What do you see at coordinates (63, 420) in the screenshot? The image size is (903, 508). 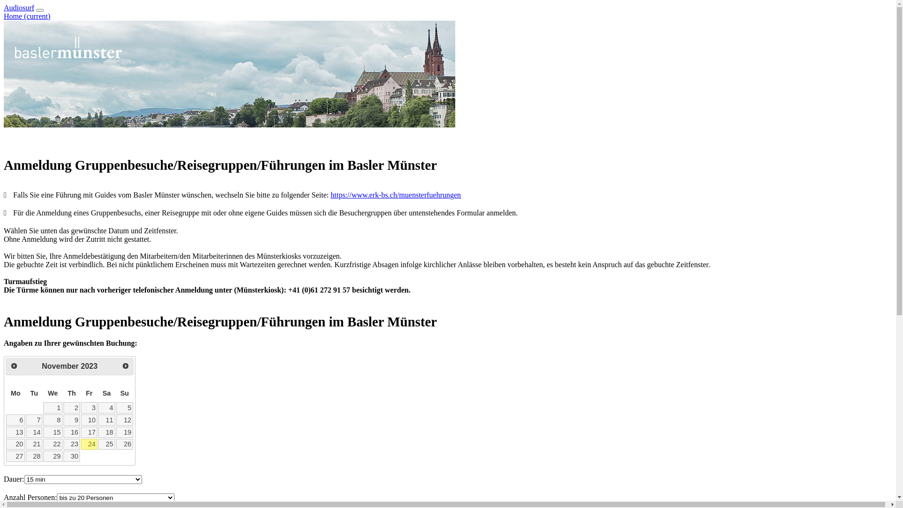 I see `'9'` at bounding box center [63, 420].